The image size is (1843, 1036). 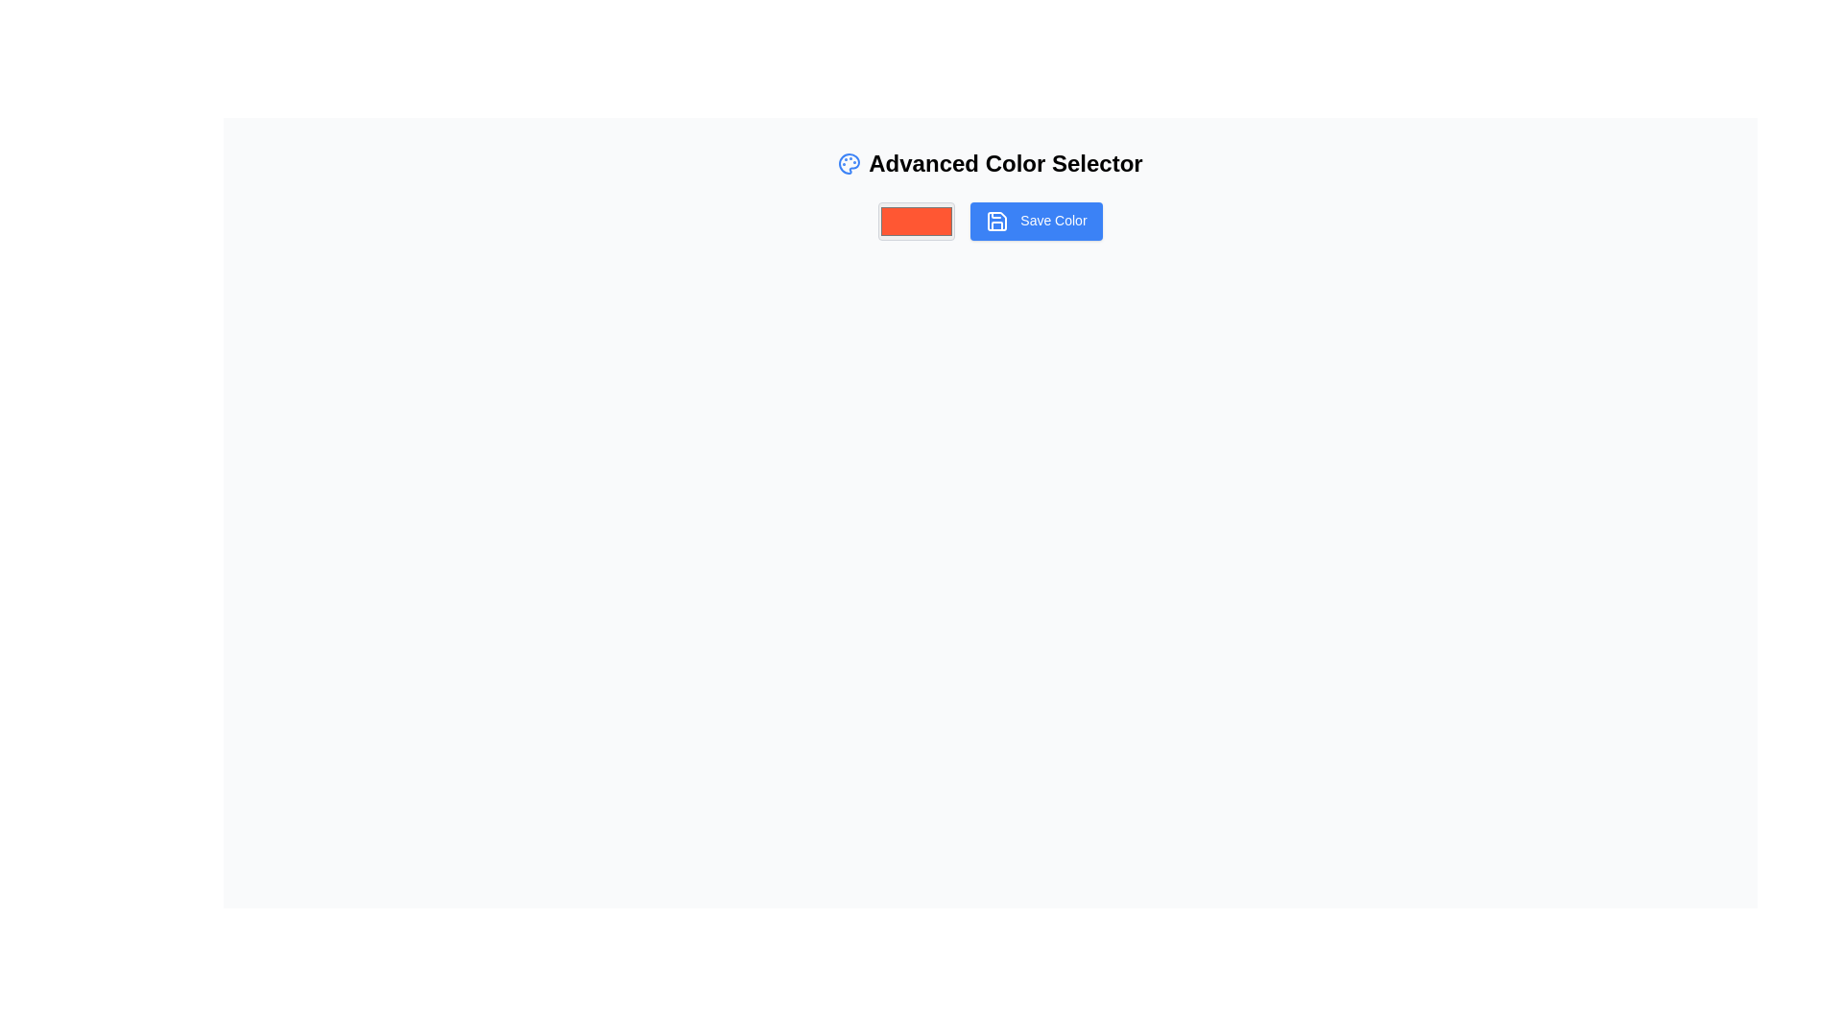 What do you see at coordinates (997, 221) in the screenshot?
I see `the save icon within the 'Save Color' button` at bounding box center [997, 221].